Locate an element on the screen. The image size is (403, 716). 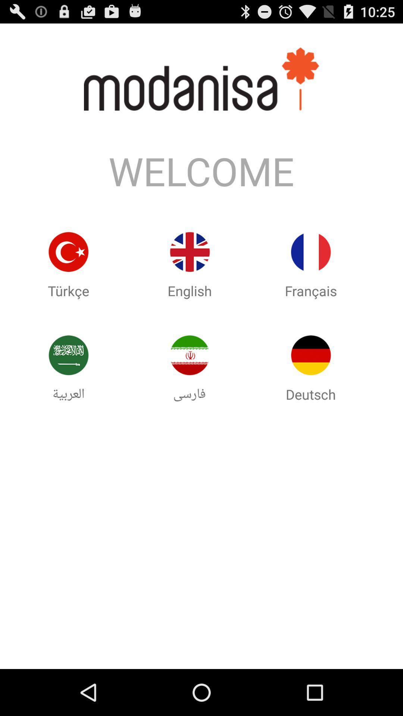
icon on the left side of english is located at coordinates (69, 252).